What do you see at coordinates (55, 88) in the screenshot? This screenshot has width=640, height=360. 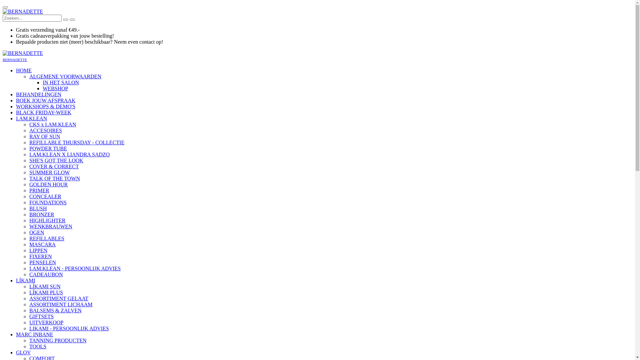 I see `'WEBSHOP'` at bounding box center [55, 88].